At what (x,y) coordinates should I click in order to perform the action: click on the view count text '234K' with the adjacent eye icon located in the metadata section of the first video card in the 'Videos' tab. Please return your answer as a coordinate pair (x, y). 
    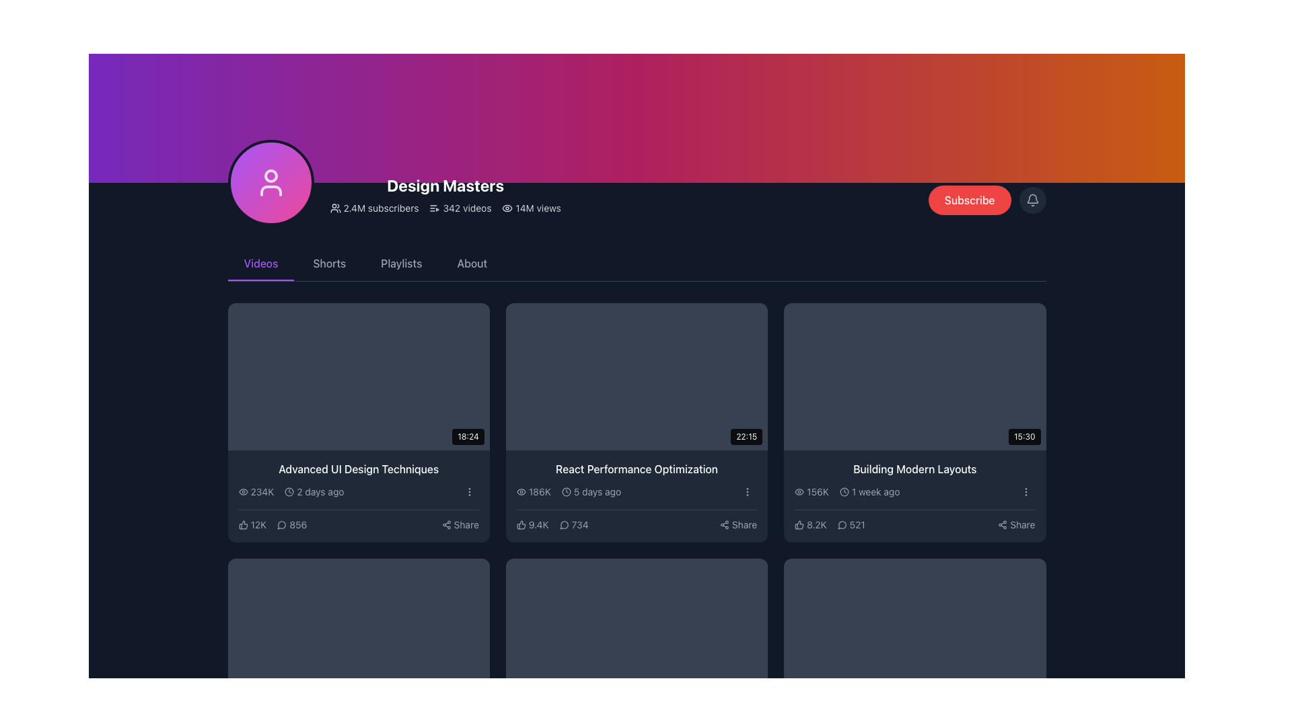
    Looking at the image, I should click on (256, 492).